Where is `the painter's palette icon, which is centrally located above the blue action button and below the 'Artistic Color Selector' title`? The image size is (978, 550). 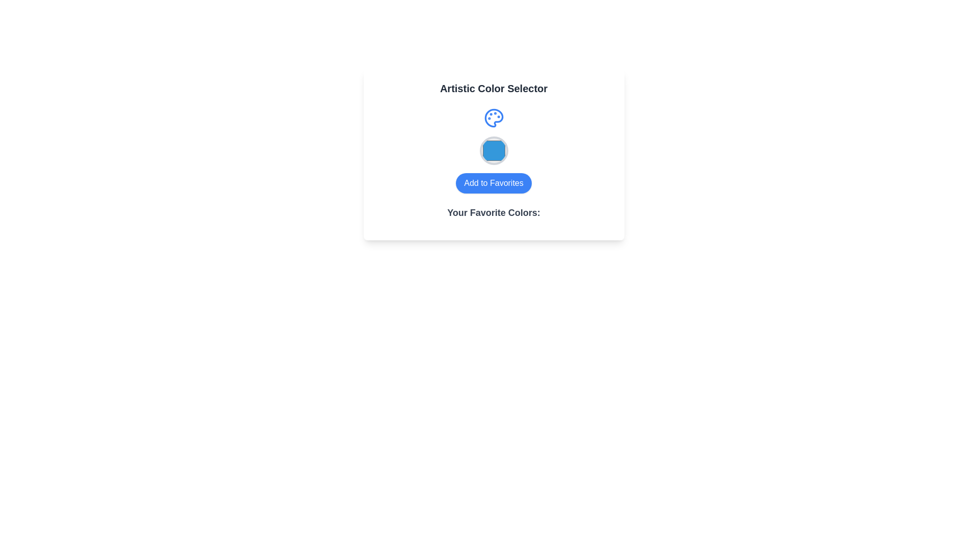 the painter's palette icon, which is centrally located above the blue action button and below the 'Artistic Color Selector' title is located at coordinates (494, 117).